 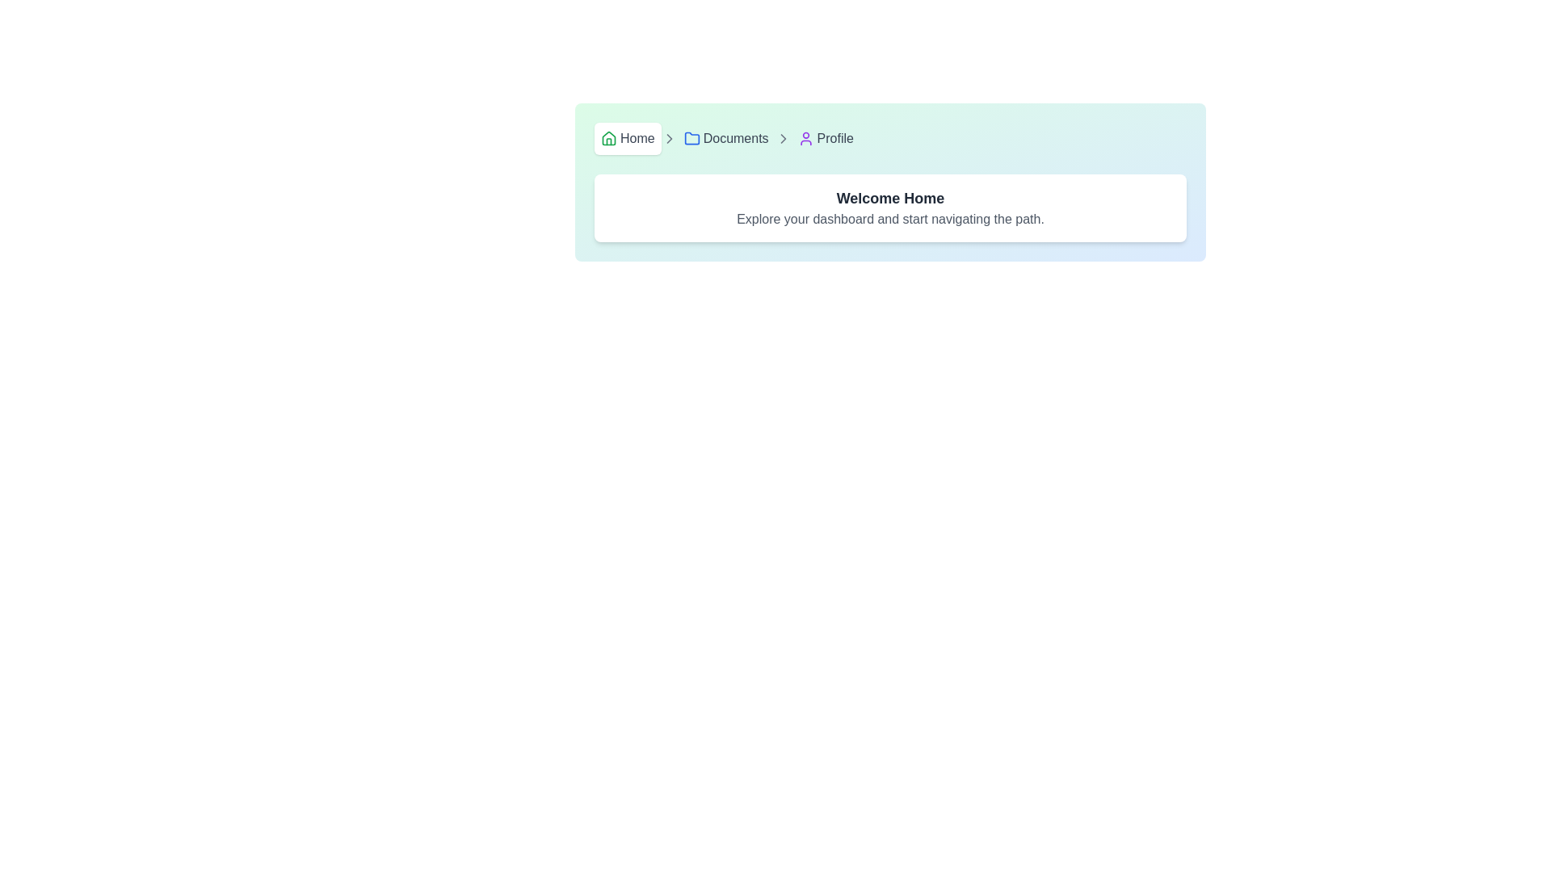 I want to click on the informational panel that serves as an introduction or welcome message to users, providing guidance and context for the dashboard, located below the Breadcrumb UI component, so click(x=889, y=208).